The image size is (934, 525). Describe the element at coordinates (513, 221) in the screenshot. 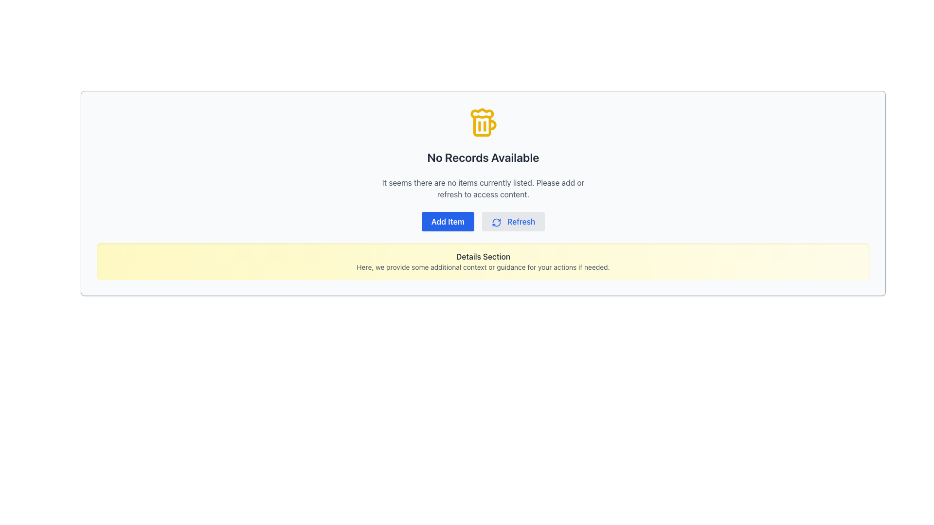

I see `the refresh button located to the right of the 'Add Item' button` at that location.